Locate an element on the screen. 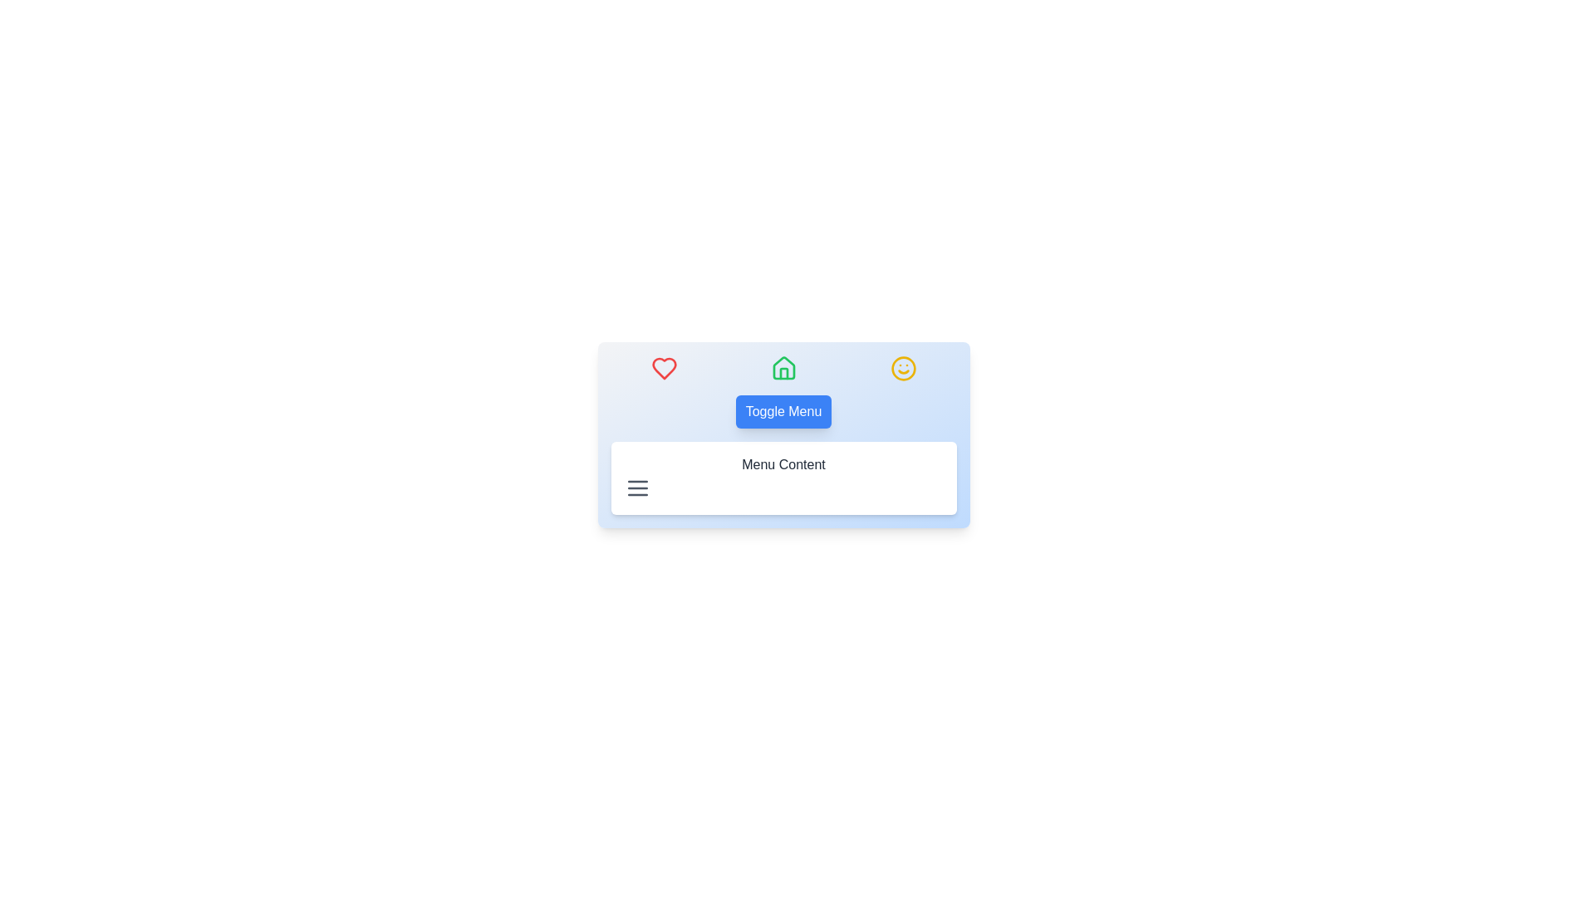  the gray three-line 'menu' icon located to the left of the 'Menu Content' label is located at coordinates (636, 487).